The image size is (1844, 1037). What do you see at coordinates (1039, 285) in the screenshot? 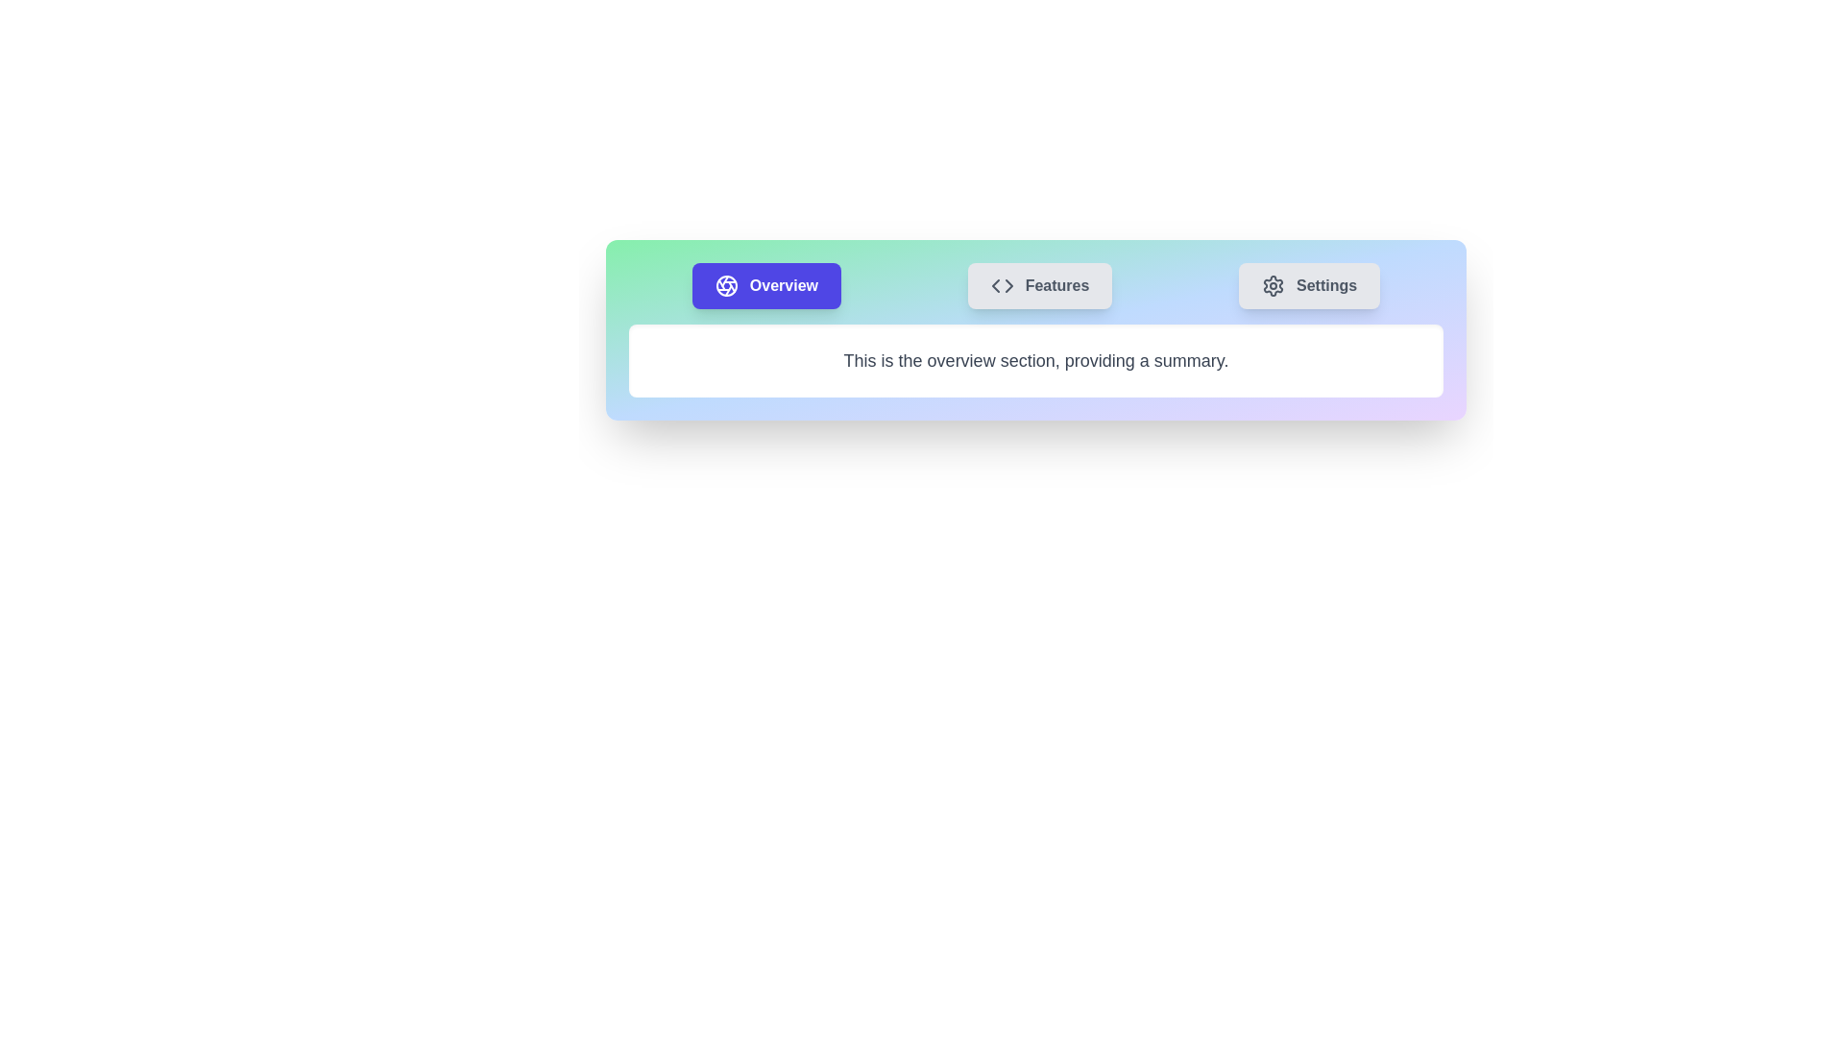
I see `the tab labeled Features to view its content` at bounding box center [1039, 285].